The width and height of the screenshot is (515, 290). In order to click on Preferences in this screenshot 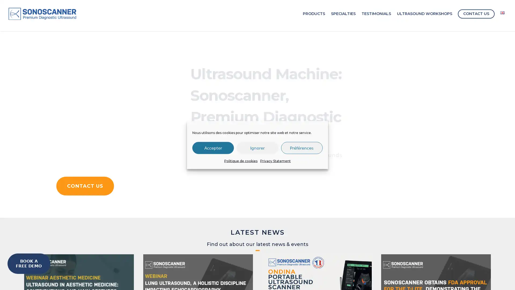, I will do `click(301, 148)`.